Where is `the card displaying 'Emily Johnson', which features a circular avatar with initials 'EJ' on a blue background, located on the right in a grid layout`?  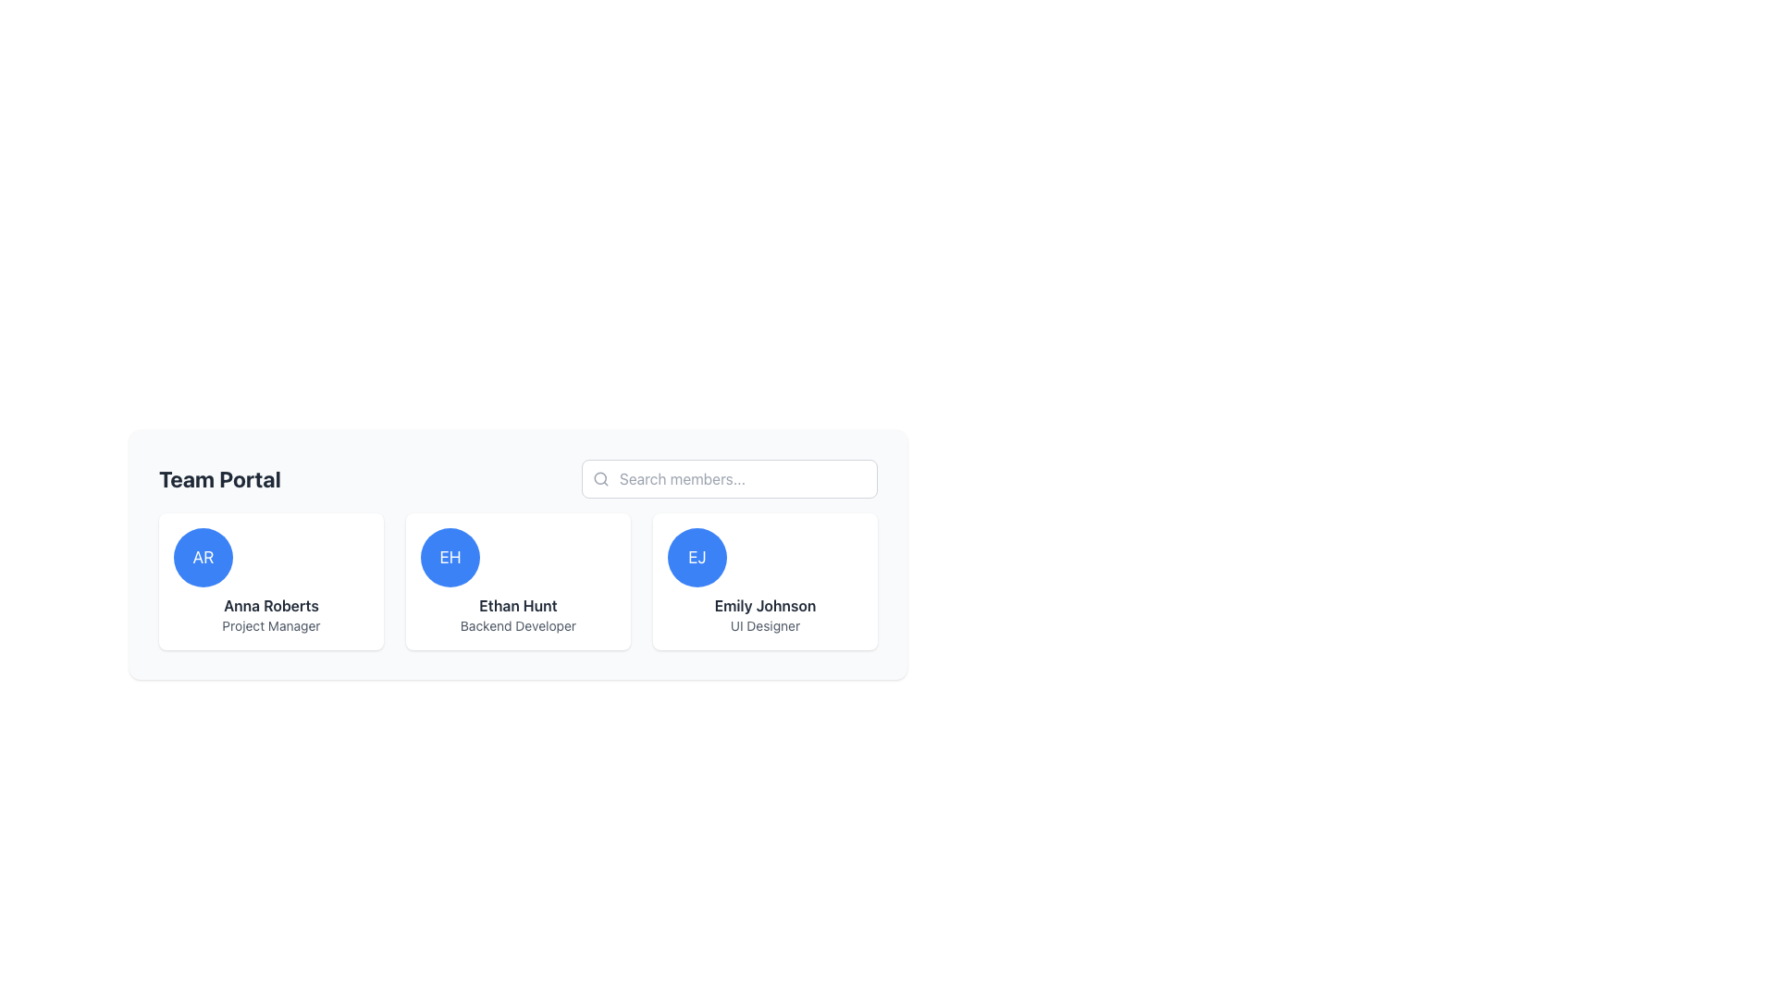
the card displaying 'Emily Johnson', which features a circular avatar with initials 'EJ' on a blue background, located on the right in a grid layout is located at coordinates (765, 580).